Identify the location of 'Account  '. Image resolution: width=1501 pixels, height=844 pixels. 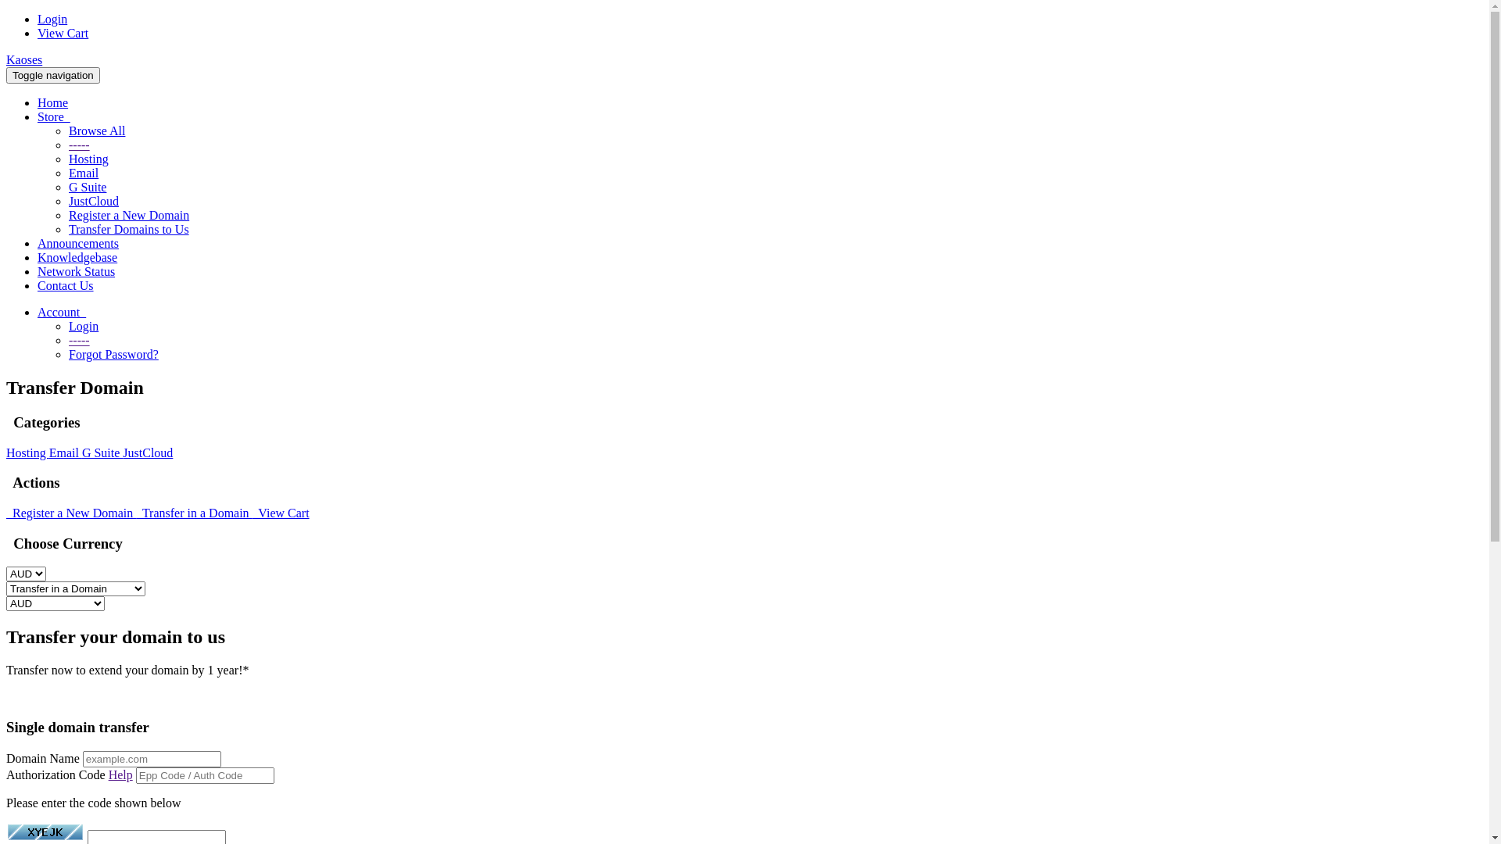
(61, 312).